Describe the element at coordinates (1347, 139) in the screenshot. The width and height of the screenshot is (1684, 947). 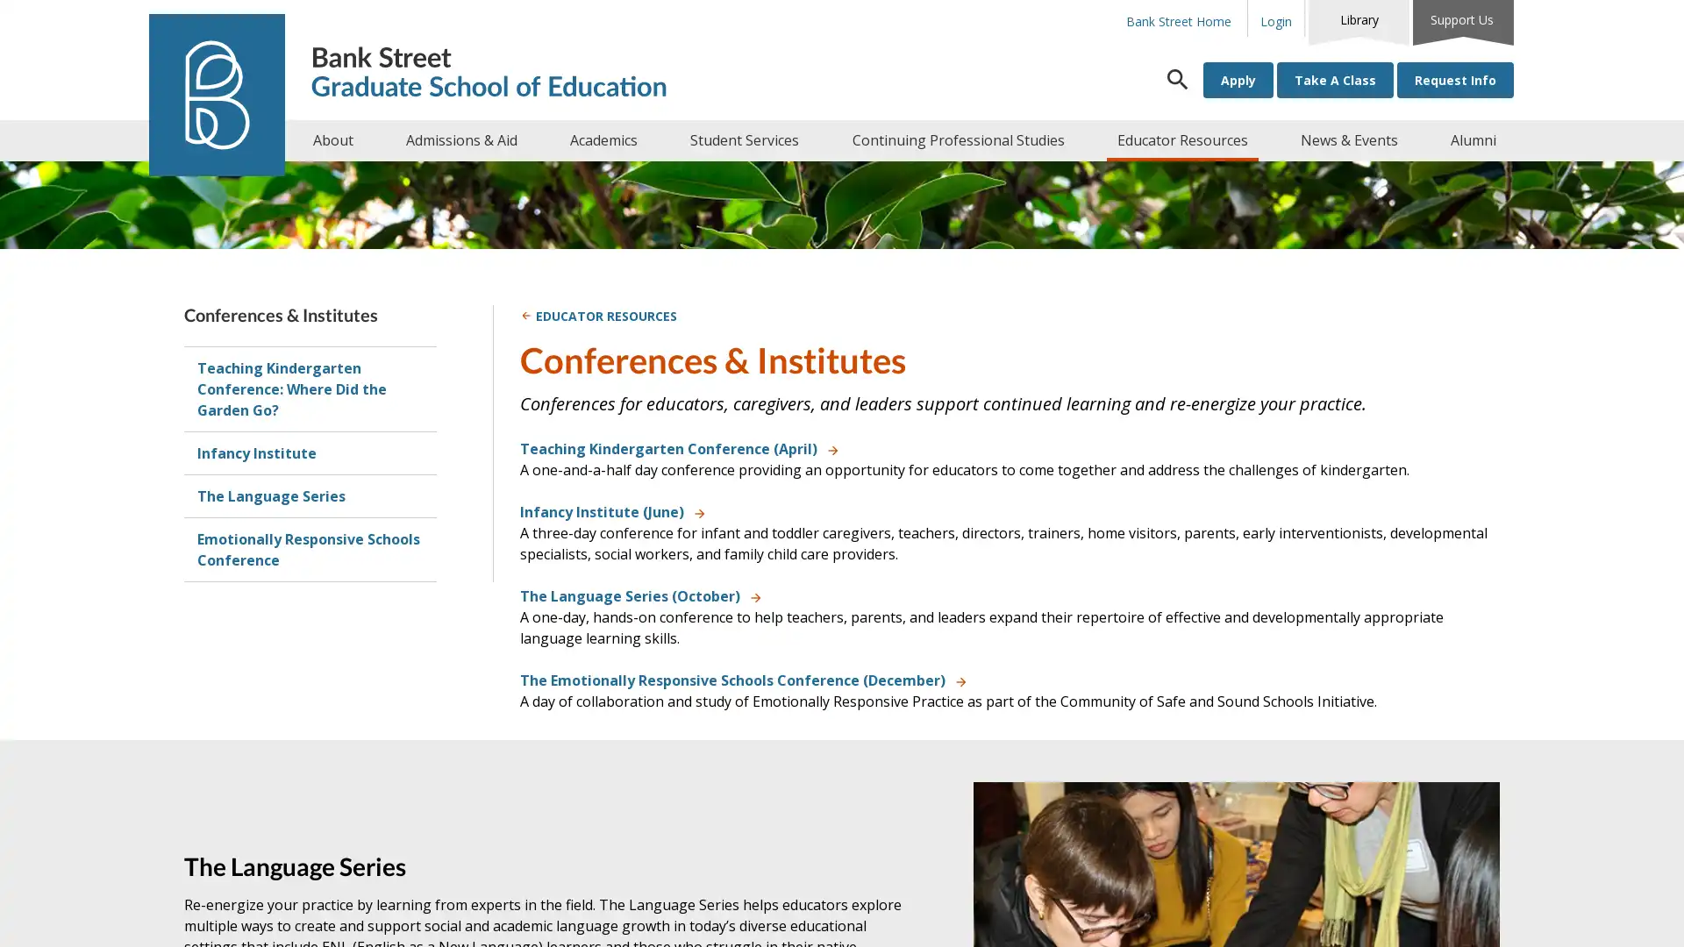
I see `News & Events` at that location.